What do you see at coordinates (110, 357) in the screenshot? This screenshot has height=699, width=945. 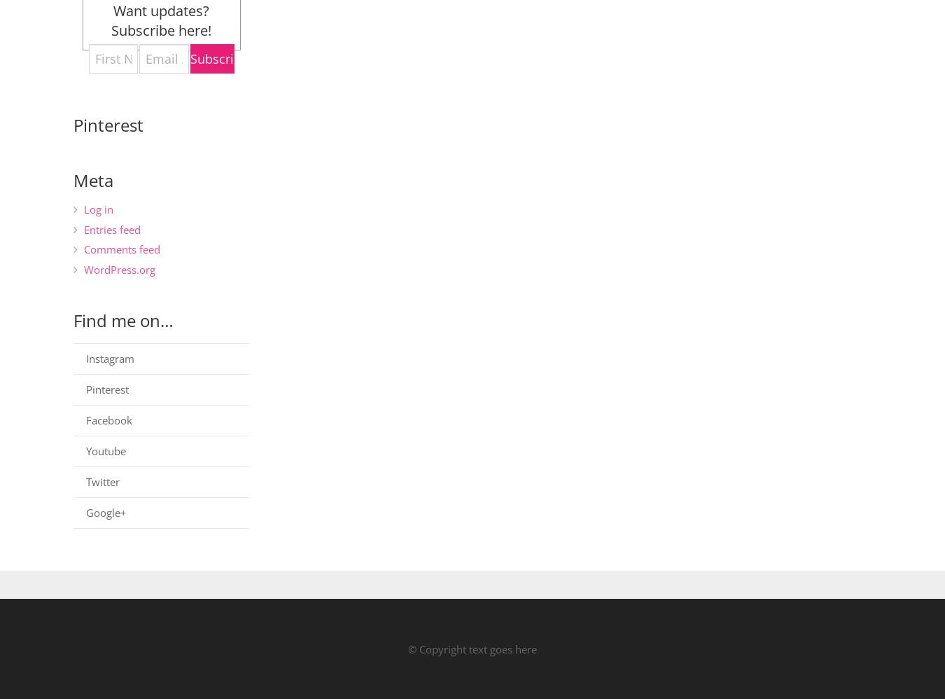 I see `'Instagram'` at bounding box center [110, 357].